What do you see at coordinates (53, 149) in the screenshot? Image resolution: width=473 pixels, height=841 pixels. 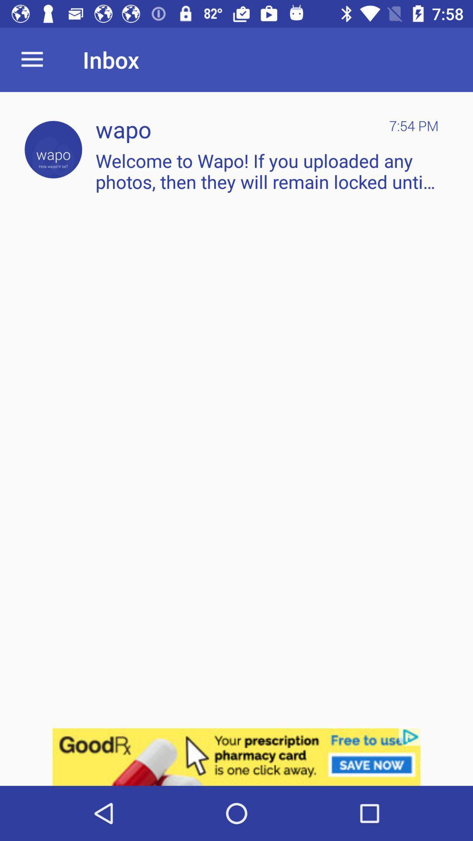 I see `click wapo icon` at bounding box center [53, 149].